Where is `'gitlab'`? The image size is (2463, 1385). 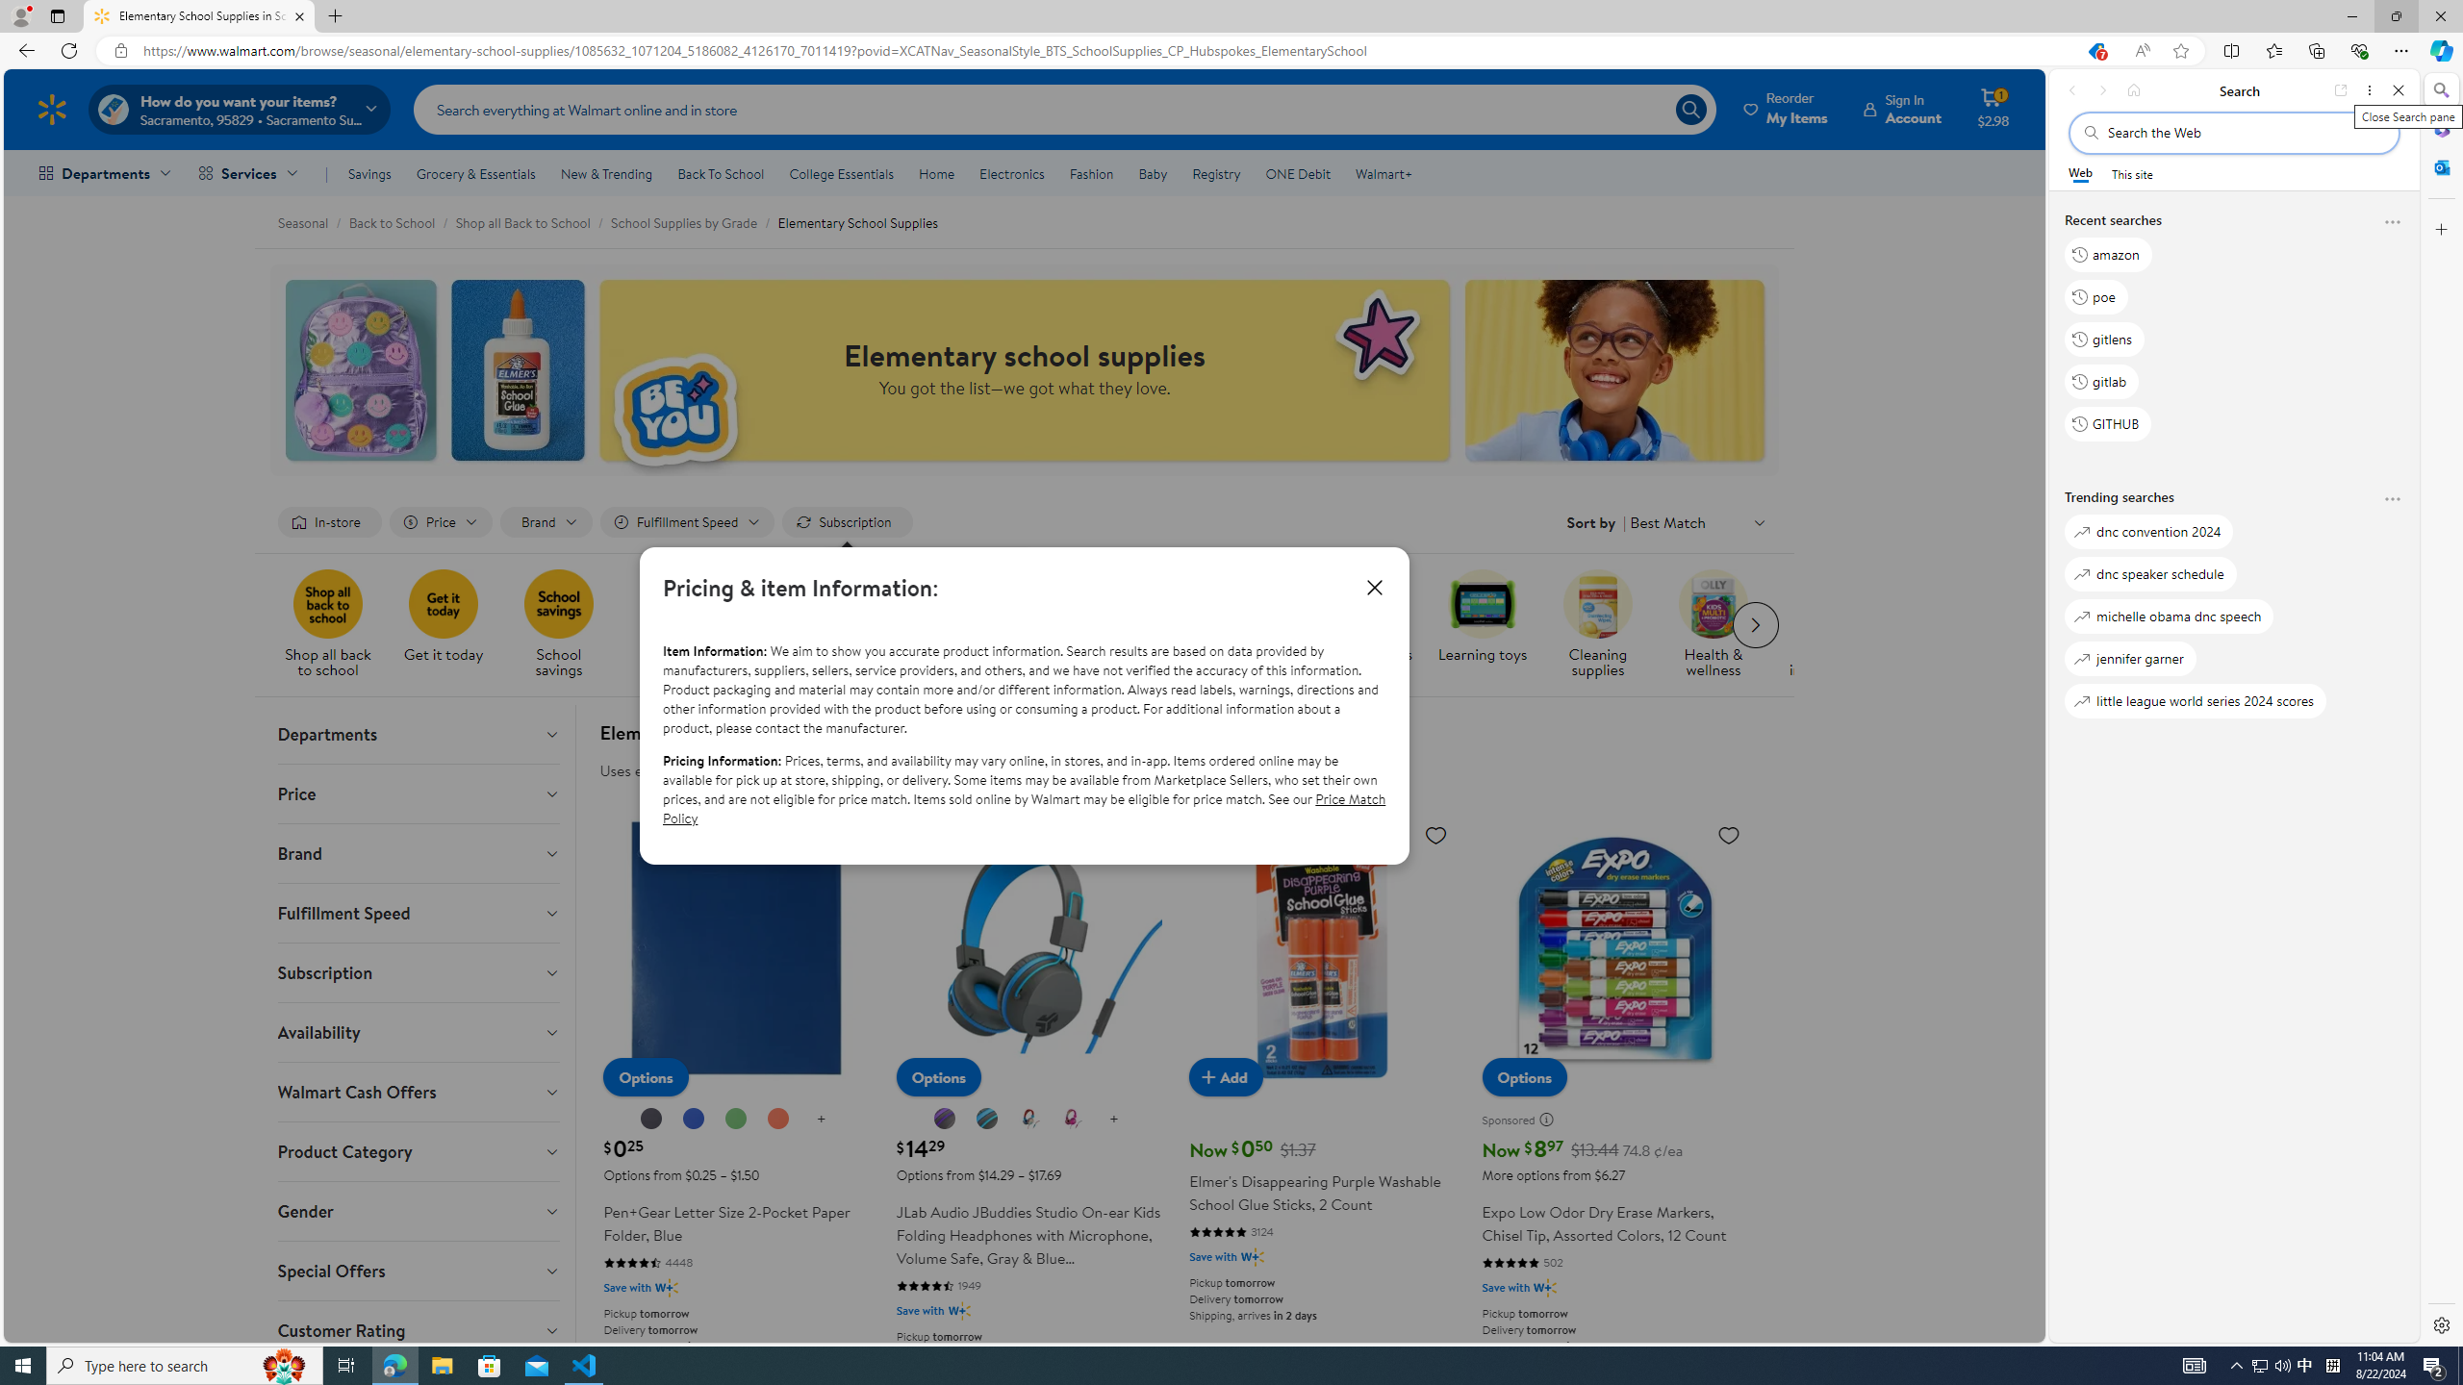
'gitlab' is located at coordinates (2101, 380).